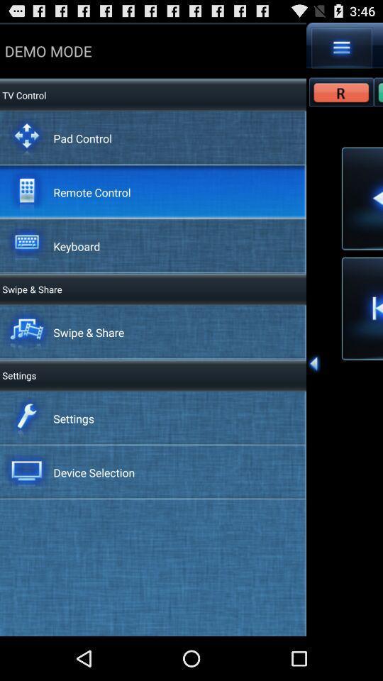 The height and width of the screenshot is (681, 383). Describe the element at coordinates (94, 472) in the screenshot. I see `device selection` at that location.